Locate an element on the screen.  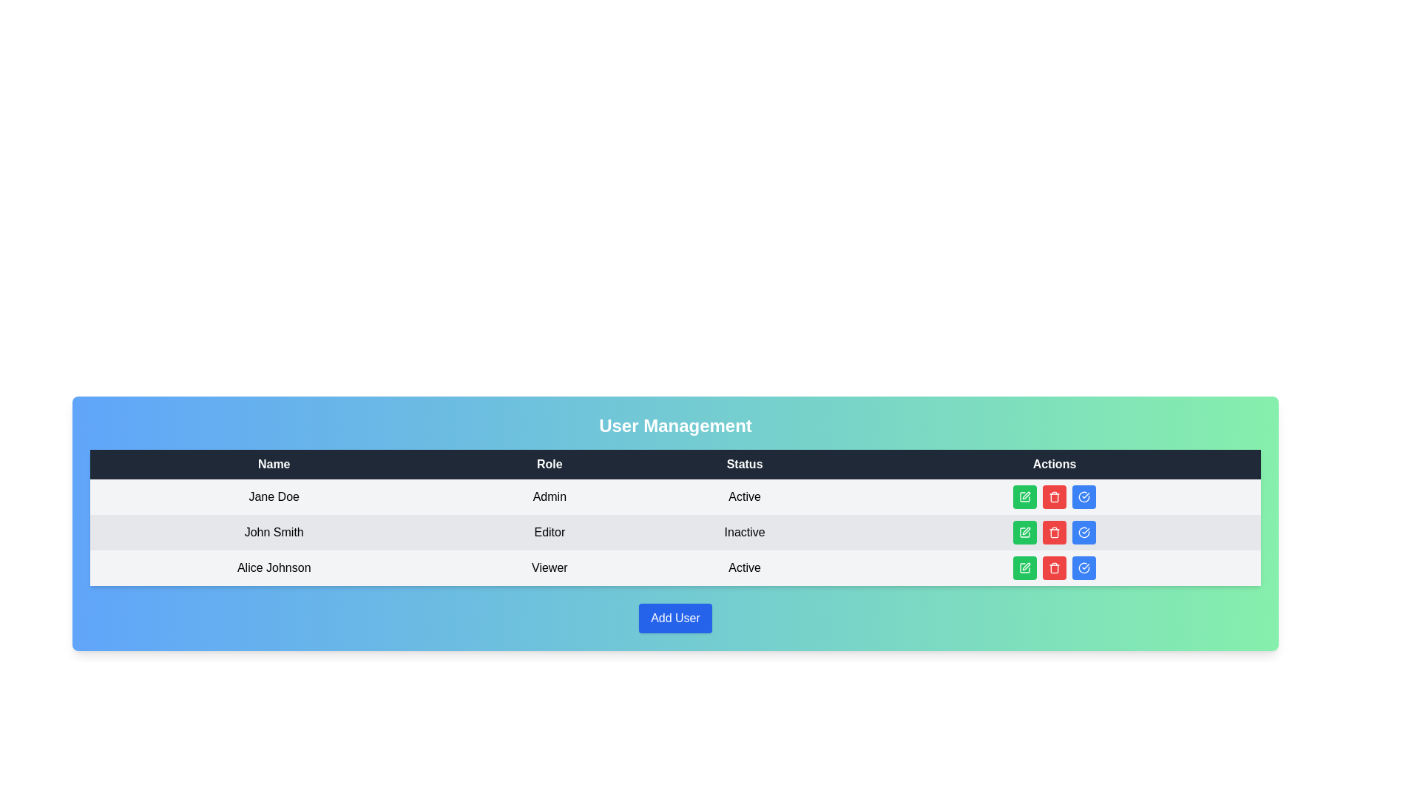
the confirmation button located in the third row of the 'Actions' column, which is the right-most button in the action button group is located at coordinates (1083, 533).